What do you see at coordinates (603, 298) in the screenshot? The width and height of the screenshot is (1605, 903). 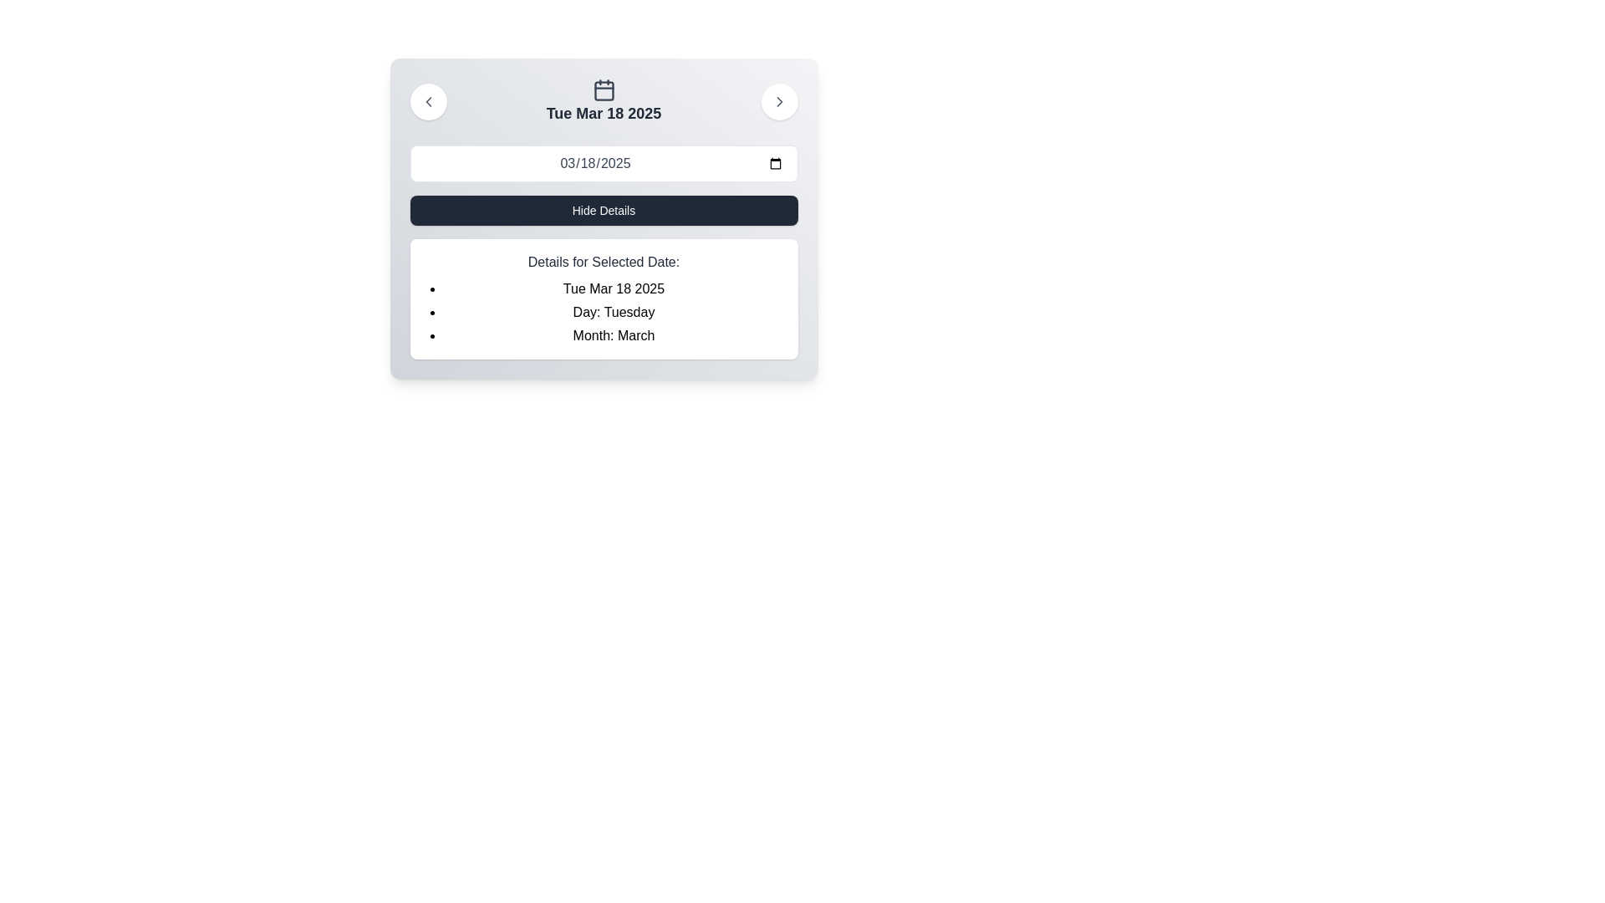 I see `the informational text block that conveys detailed information about a selected date, positioned below the 'Hide Details' button` at bounding box center [603, 298].